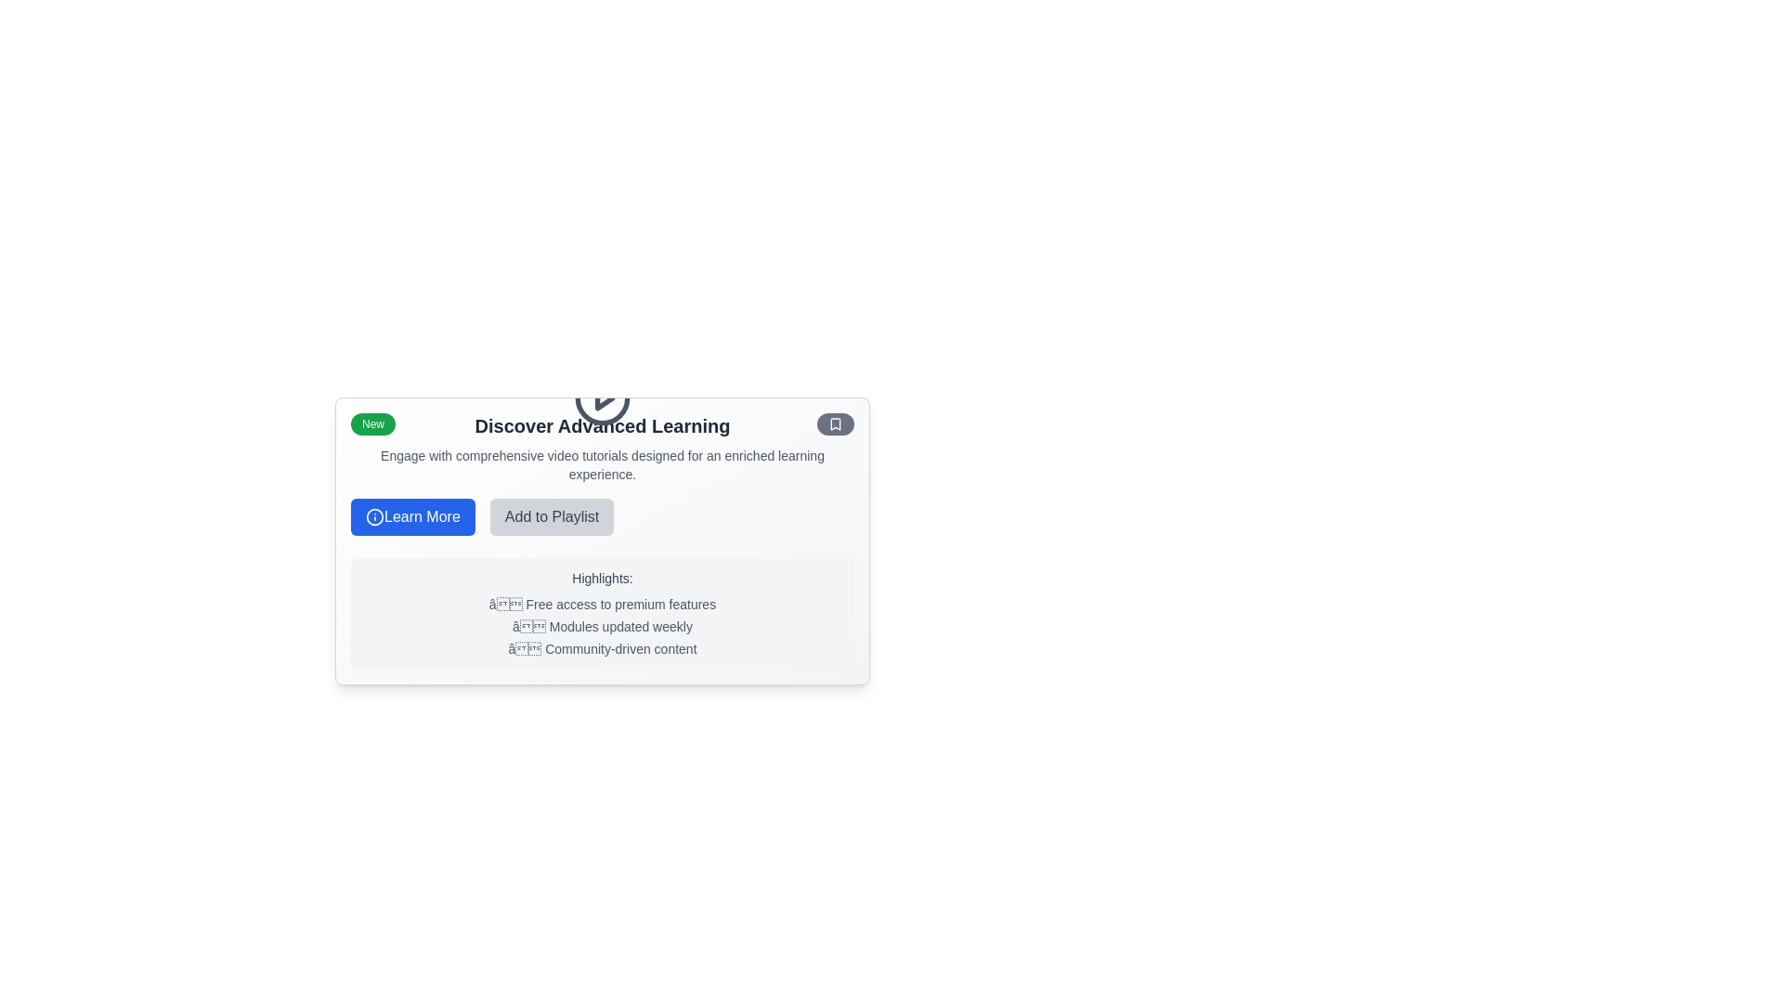 Image resolution: width=1783 pixels, height=1003 pixels. Describe the element at coordinates (605, 397) in the screenshot. I see `the polygonal shape within the SVG graphical component that serves as a visual indicator for the play button in the header section above the 'Discover Advanced Learning' title` at that location.